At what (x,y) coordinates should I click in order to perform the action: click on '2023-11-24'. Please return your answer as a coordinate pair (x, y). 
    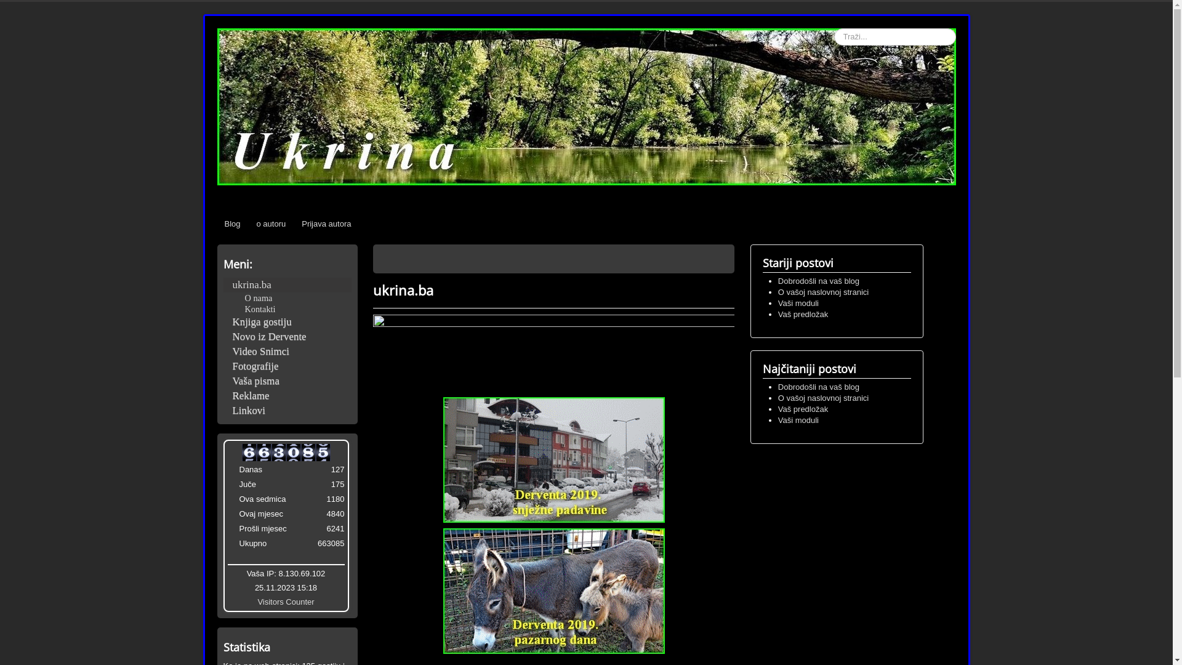
    Looking at the image, I should click on (232, 486).